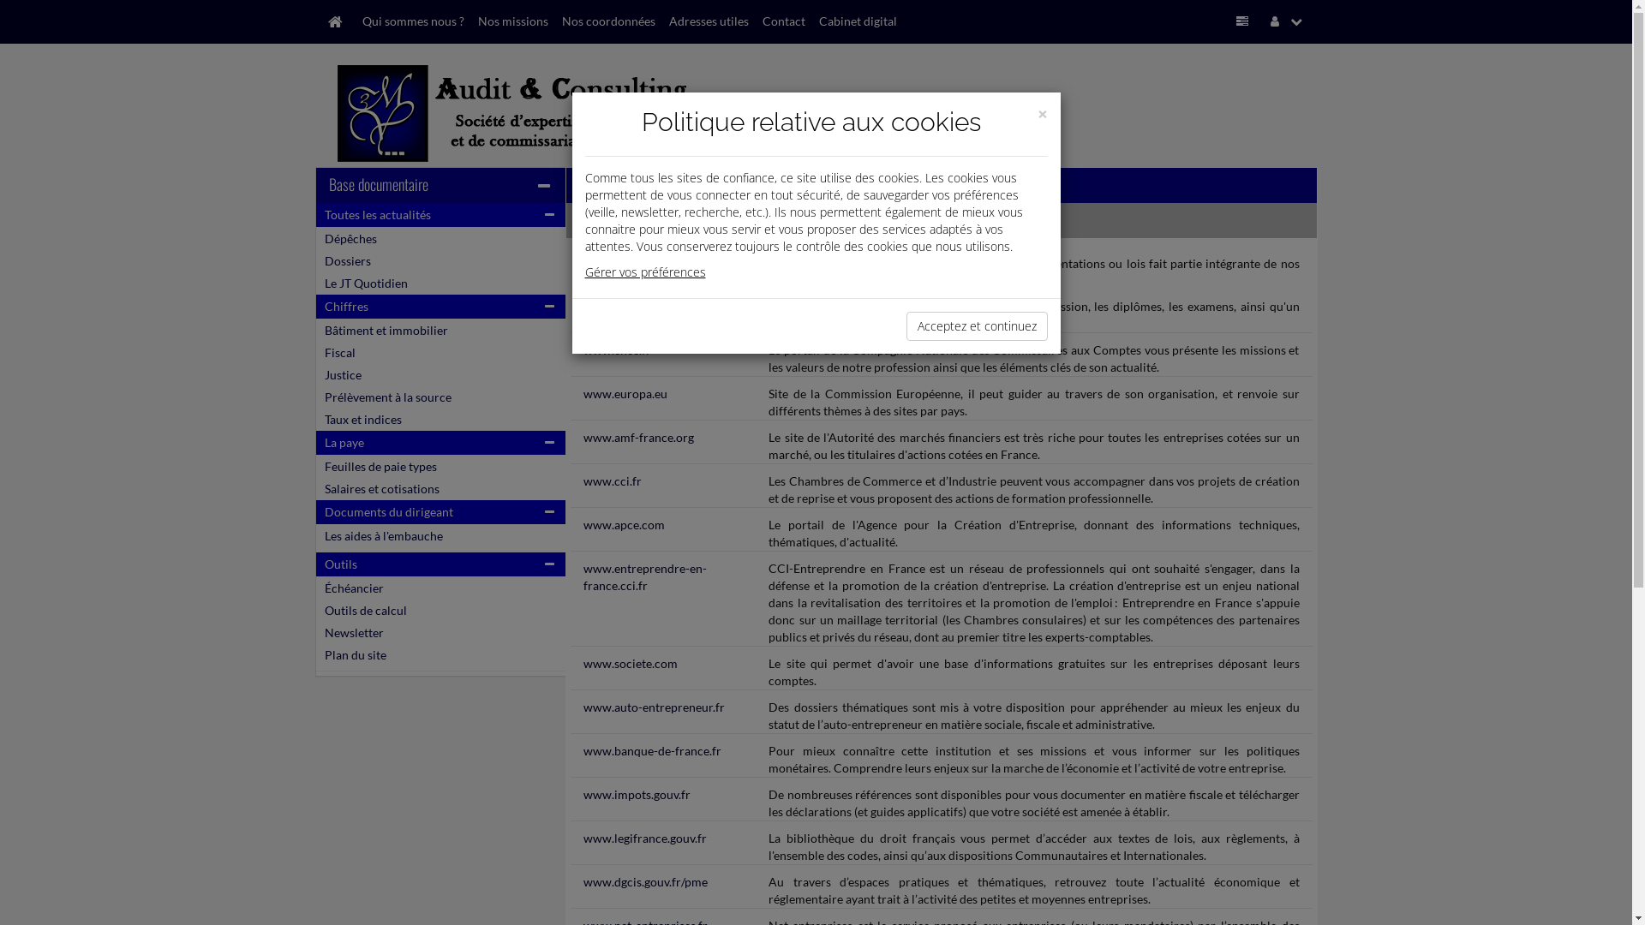 Image resolution: width=1645 pixels, height=925 pixels. Describe the element at coordinates (653, 707) in the screenshot. I see `'www.auto-entrepreneur.fr'` at that location.